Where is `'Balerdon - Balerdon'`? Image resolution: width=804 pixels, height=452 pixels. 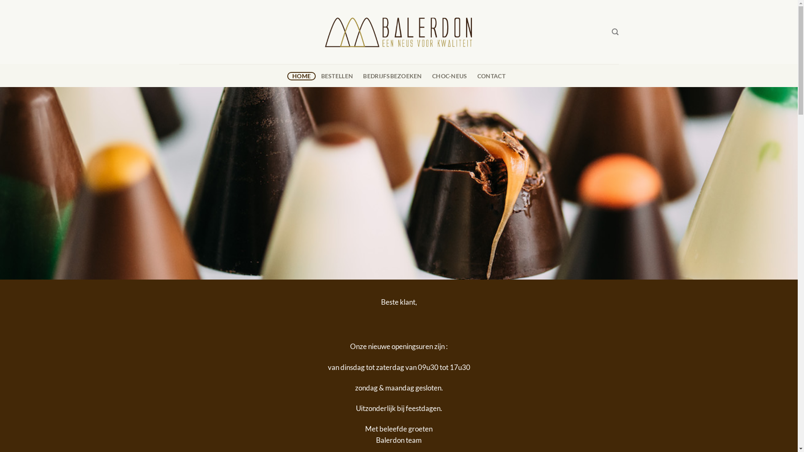
'Balerdon - Balerdon' is located at coordinates (399, 31).